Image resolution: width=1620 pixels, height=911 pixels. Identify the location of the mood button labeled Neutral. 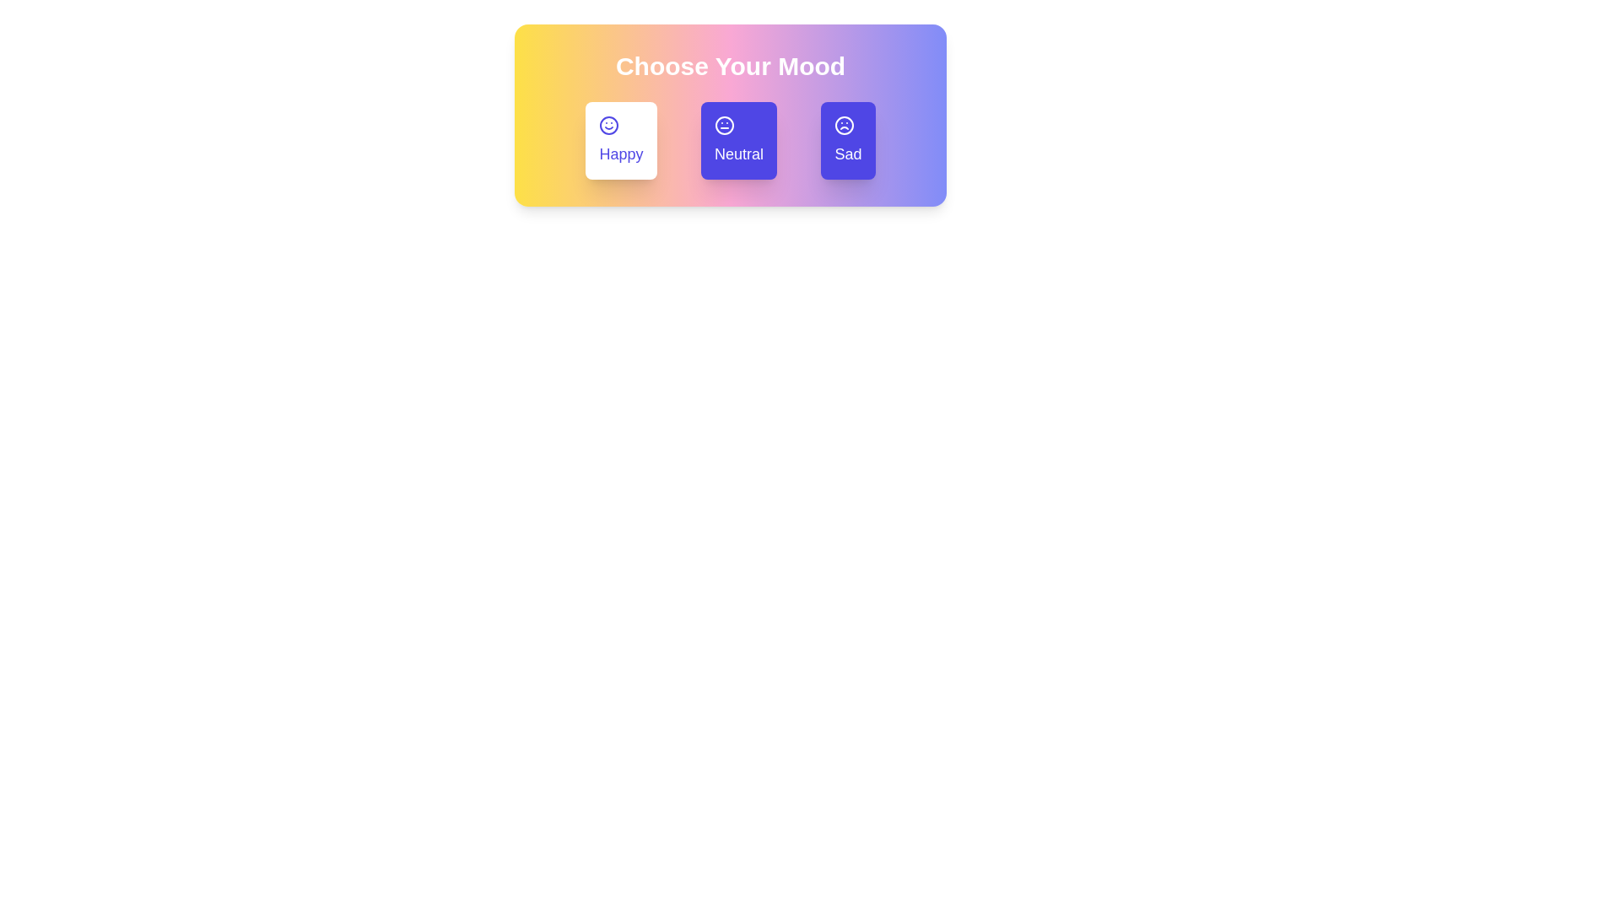
(738, 139).